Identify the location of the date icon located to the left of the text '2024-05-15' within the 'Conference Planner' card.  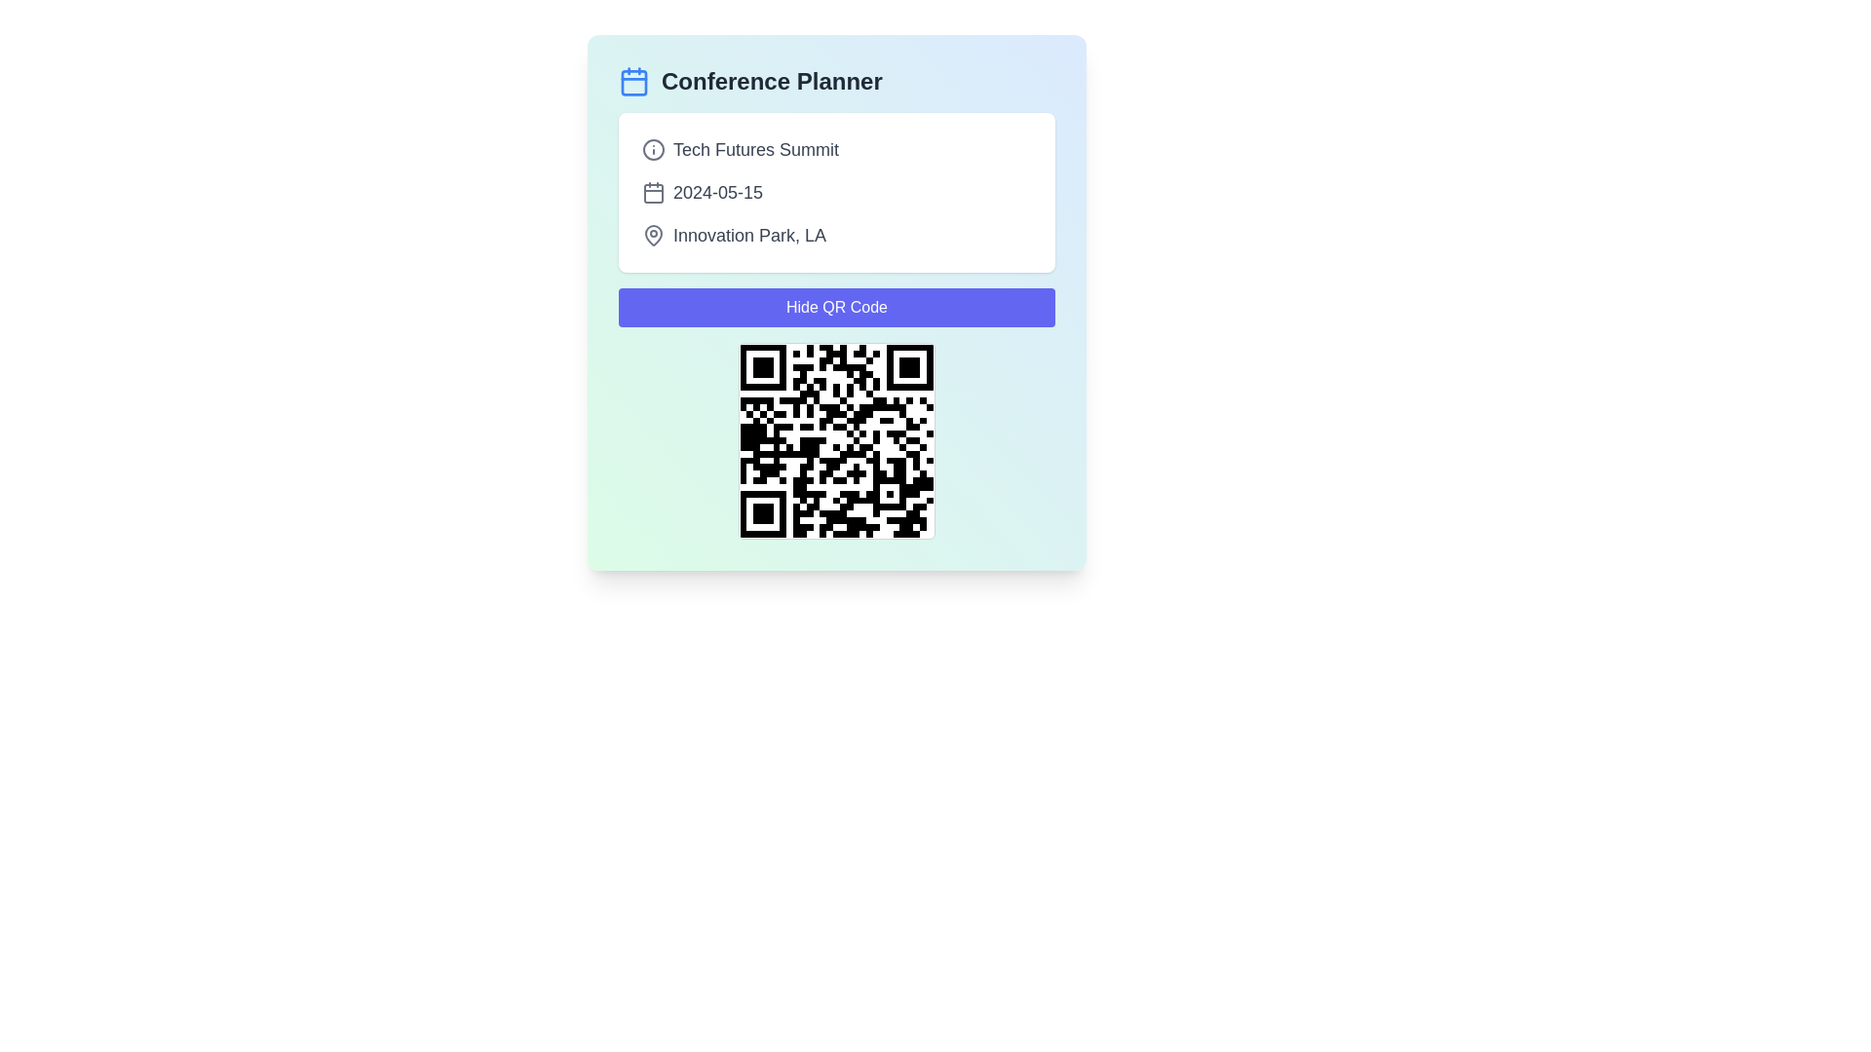
(654, 194).